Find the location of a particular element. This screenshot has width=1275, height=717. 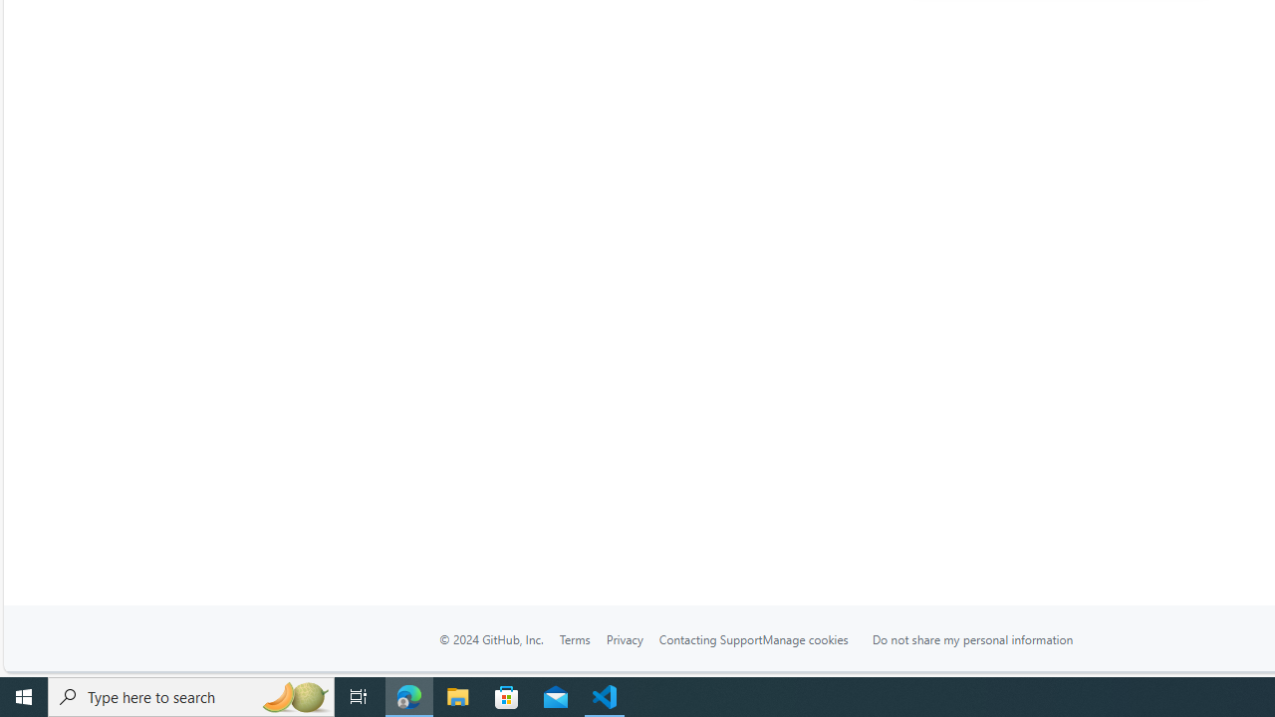

'Manage cookiesDo not share my personal information' is located at coordinates (928, 638).